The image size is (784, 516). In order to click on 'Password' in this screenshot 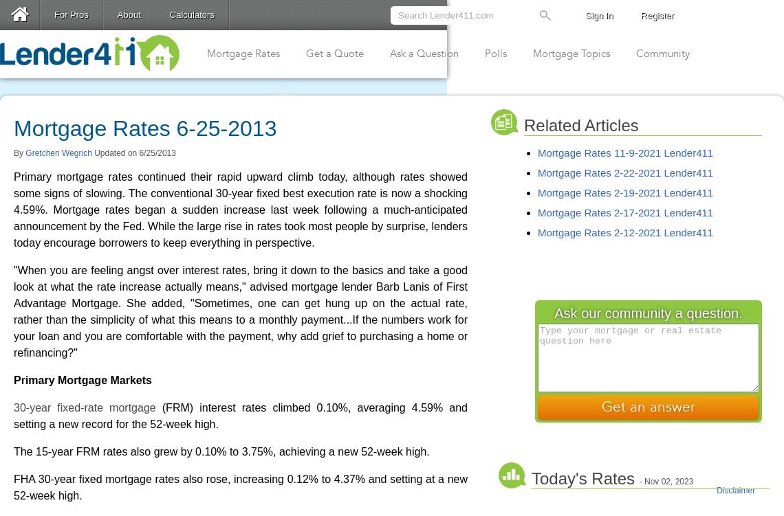, I will do `click(78, 164)`.